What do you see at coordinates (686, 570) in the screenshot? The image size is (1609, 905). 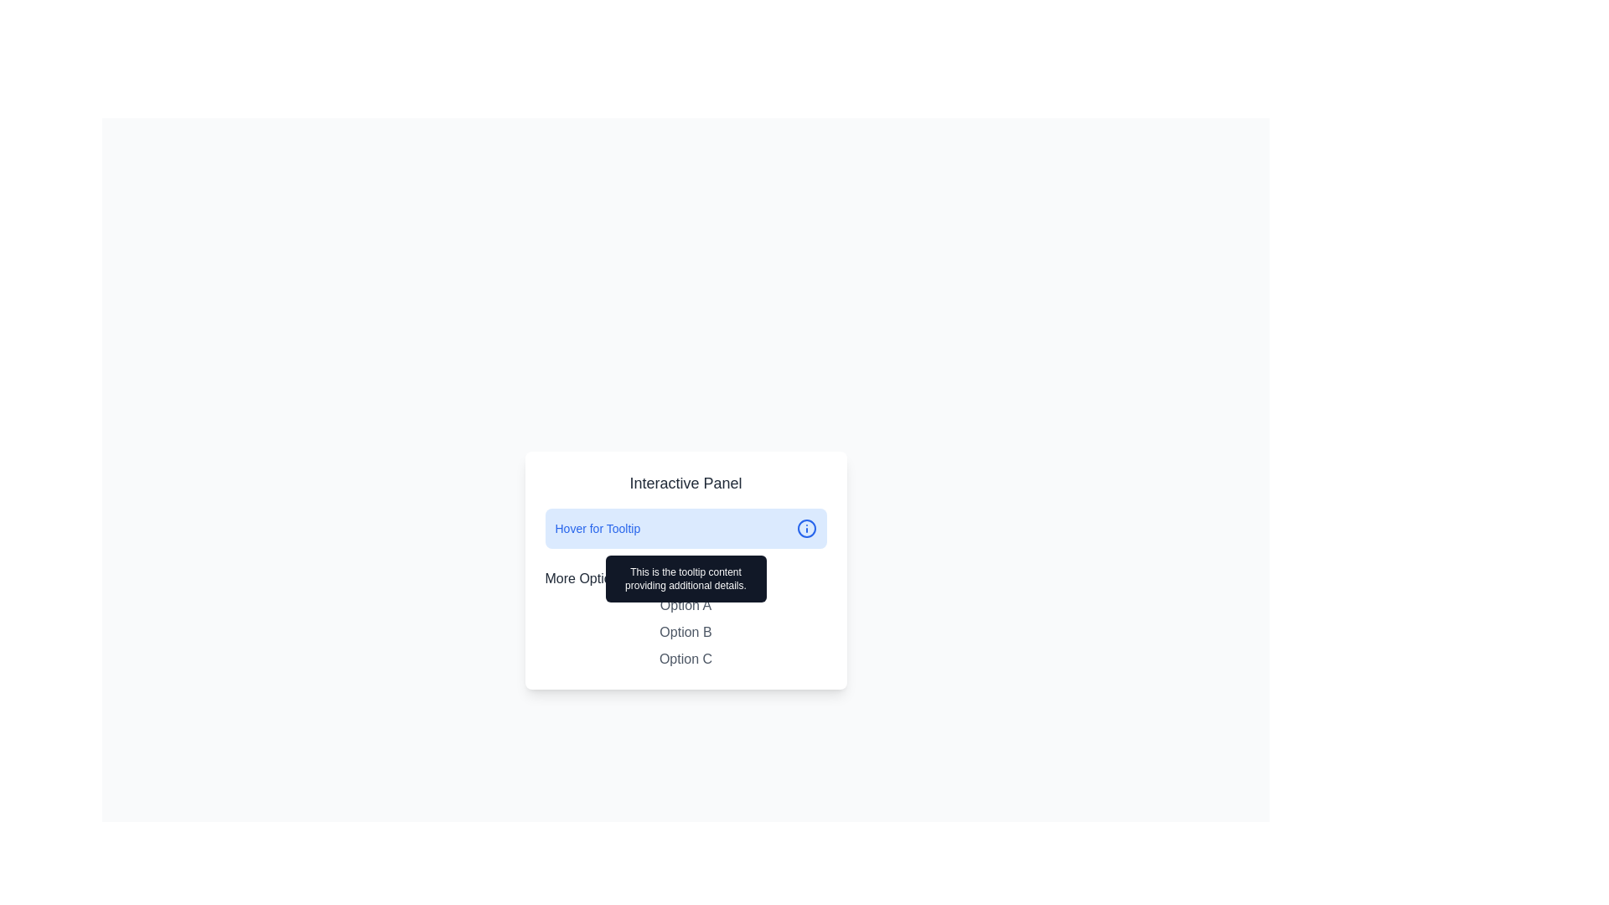 I see `the hoverable button within the centrally located card or panel` at bounding box center [686, 570].